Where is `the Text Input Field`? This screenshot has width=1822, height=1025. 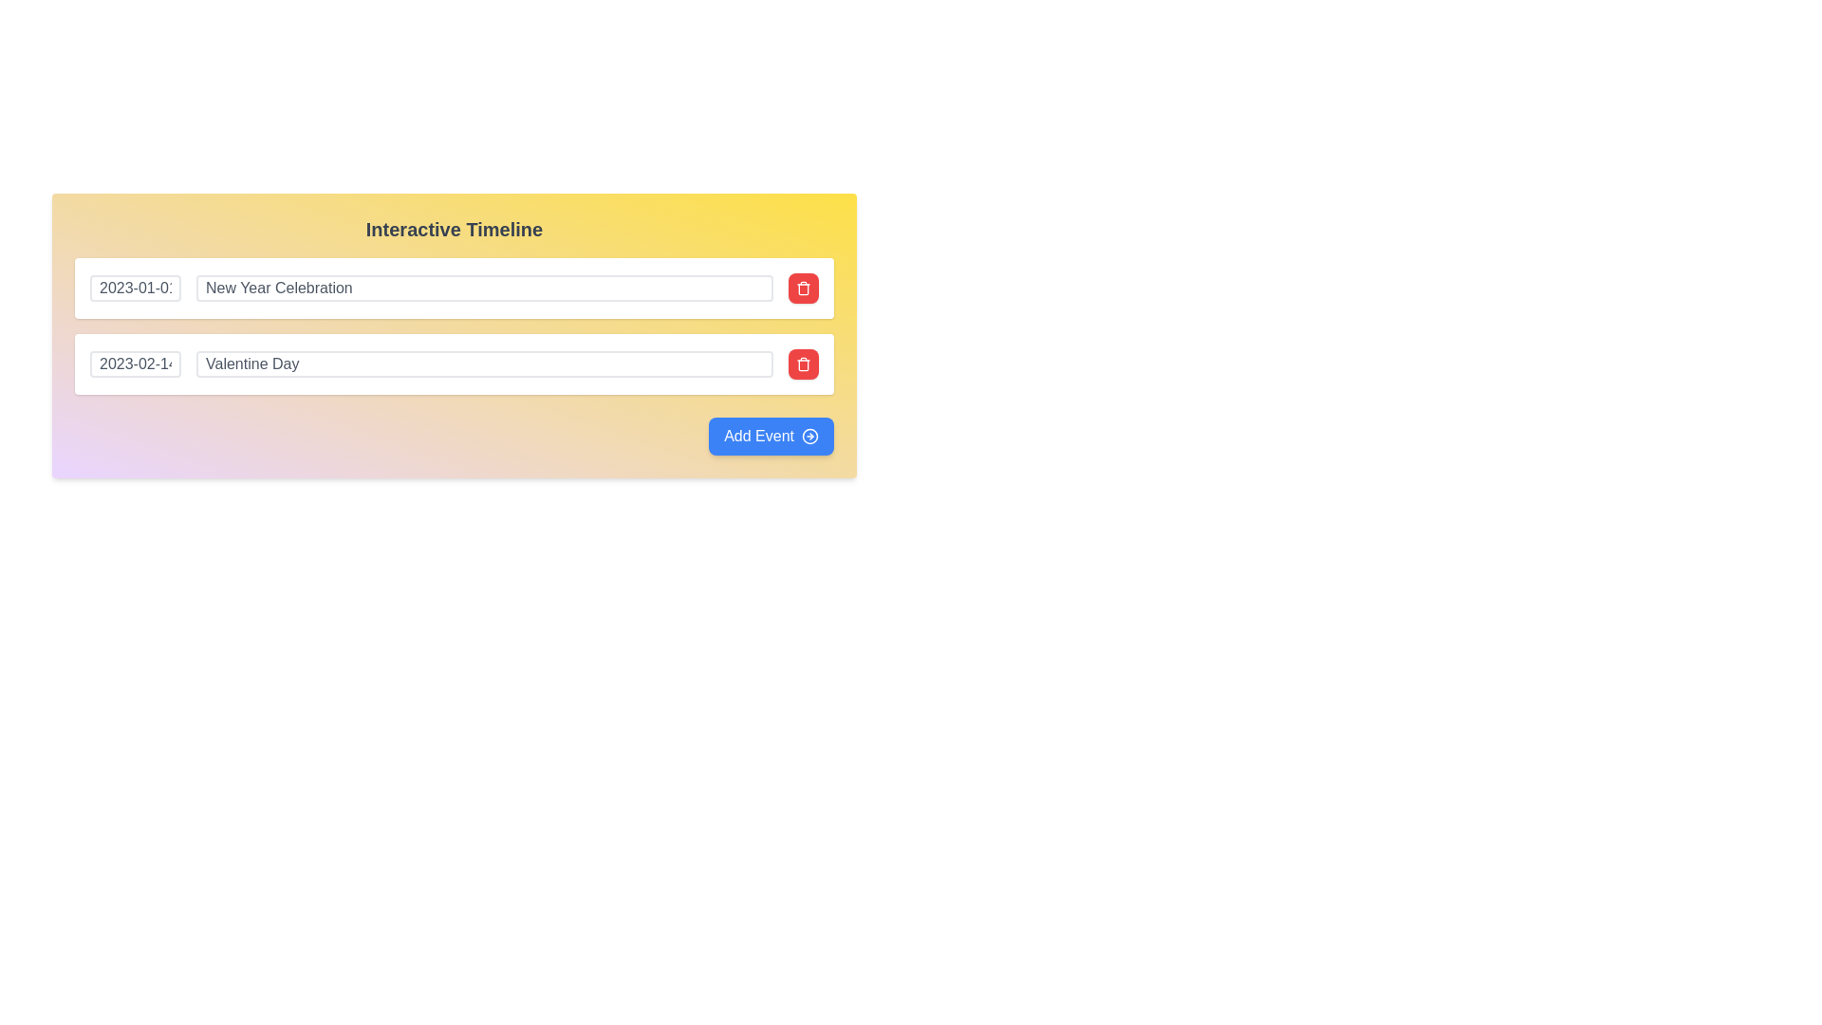 the Text Input Field is located at coordinates (484, 364).